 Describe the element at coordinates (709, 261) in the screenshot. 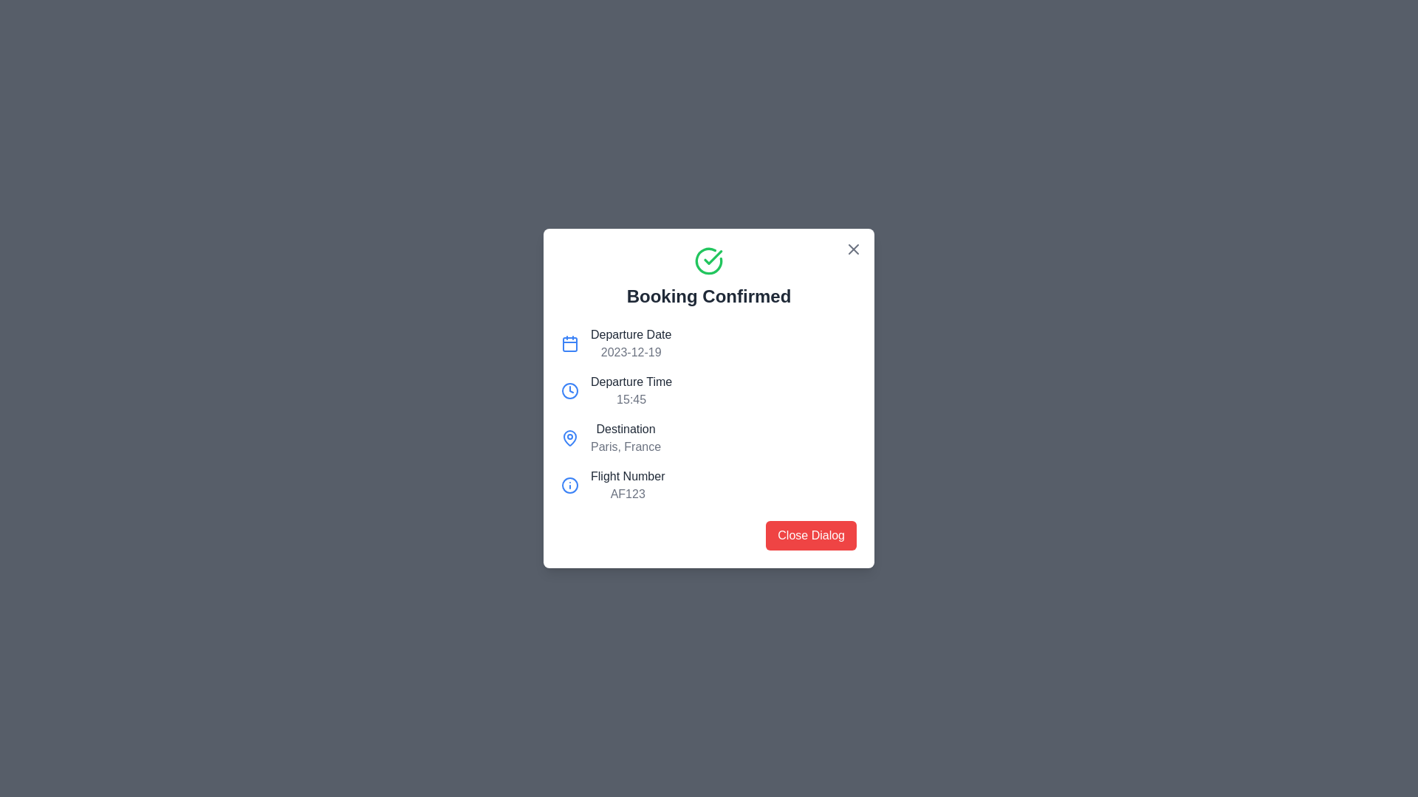

I see `the green circular SVG icon featuring a checkmark, which represents a confirmation status, located at the top-center of the 'Booking Confirmed' dialog box` at that location.